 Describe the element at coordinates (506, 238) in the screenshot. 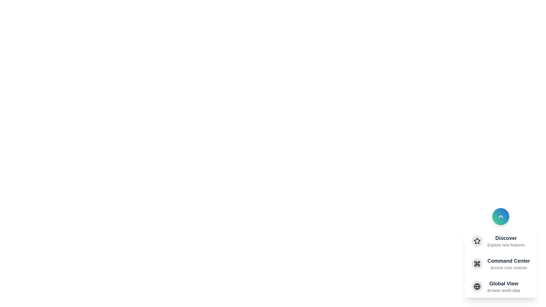

I see `the 'Discover' menu item to trigger its action` at that location.